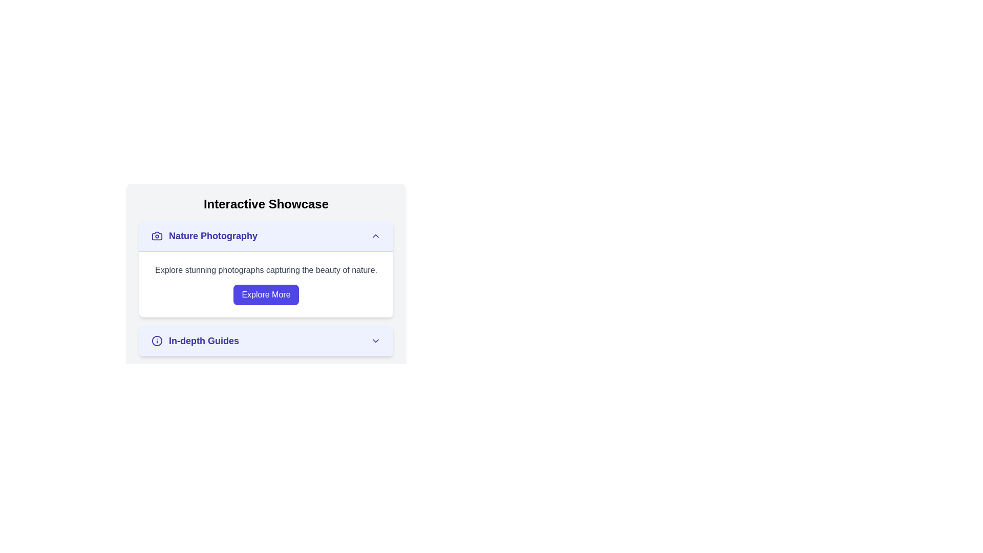  What do you see at coordinates (157, 341) in the screenshot?
I see `the information icon adjacent to the text 'In-depth Guides' located in the 'Interactive Showcase' section` at bounding box center [157, 341].